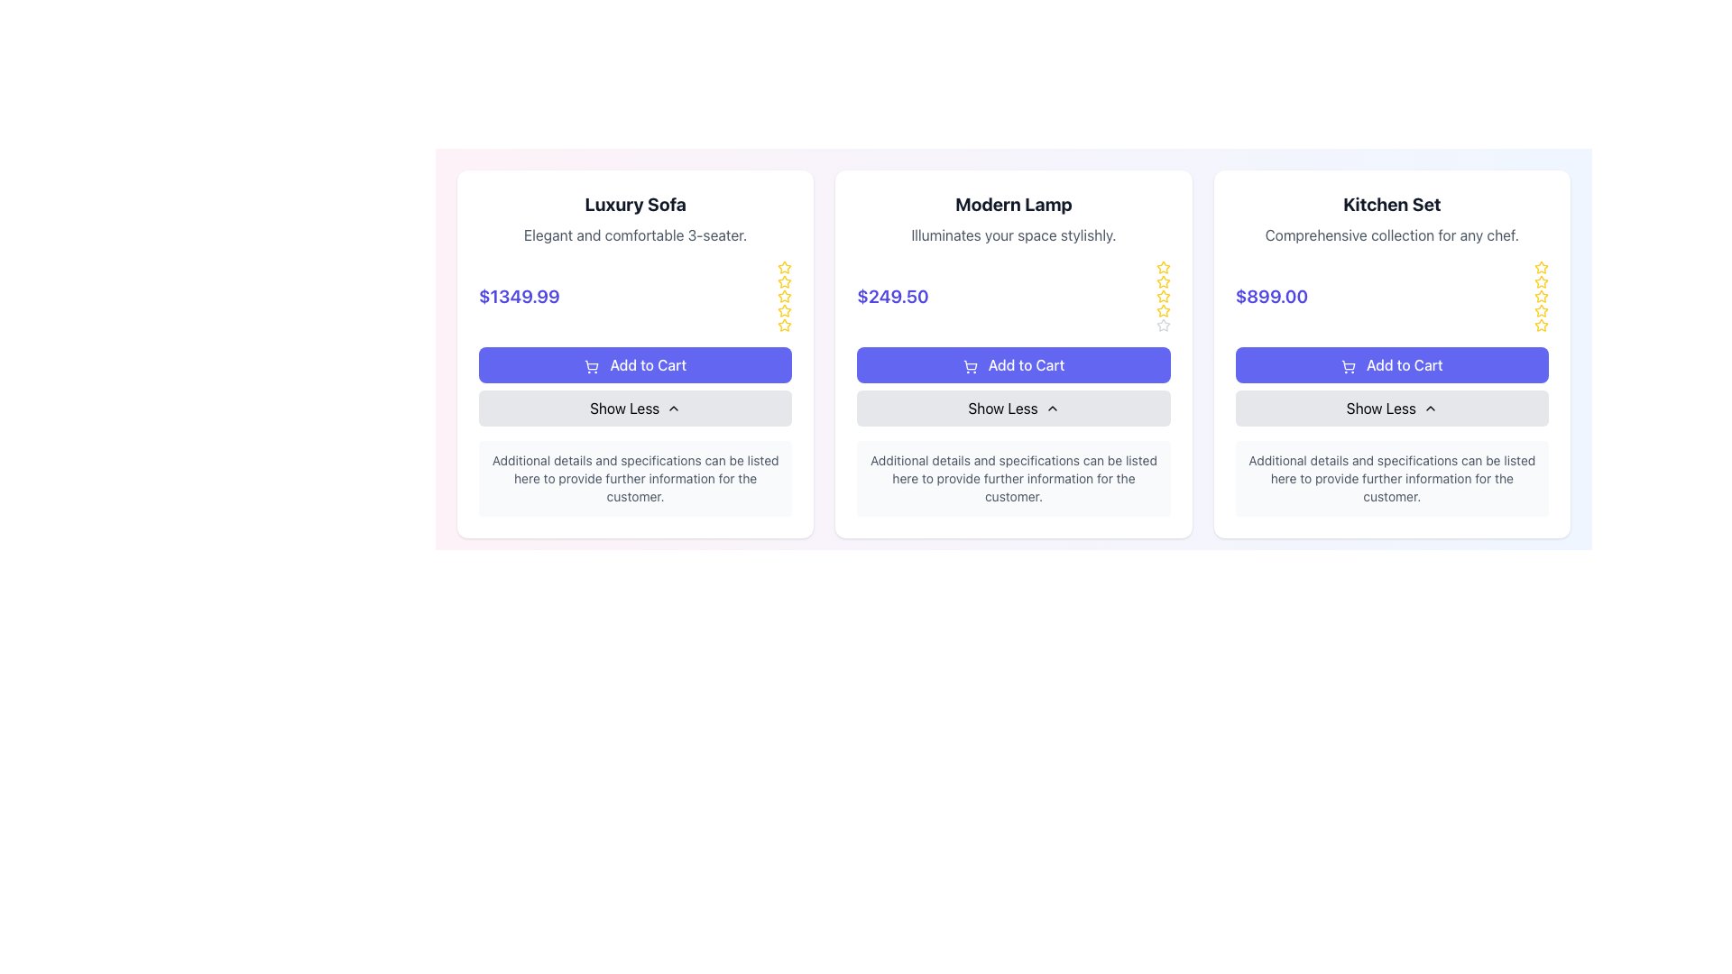 This screenshot has width=1732, height=974. What do you see at coordinates (1013, 478) in the screenshot?
I see `the informational text block located at the bottom center of the 'Modern Lamp' card, under the 'Show Less ↑' button` at bounding box center [1013, 478].